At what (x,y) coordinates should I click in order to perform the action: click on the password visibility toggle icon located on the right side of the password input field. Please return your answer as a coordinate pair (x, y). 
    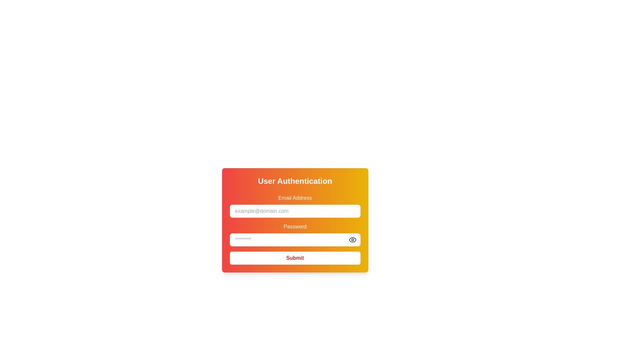
    Looking at the image, I should click on (352, 240).